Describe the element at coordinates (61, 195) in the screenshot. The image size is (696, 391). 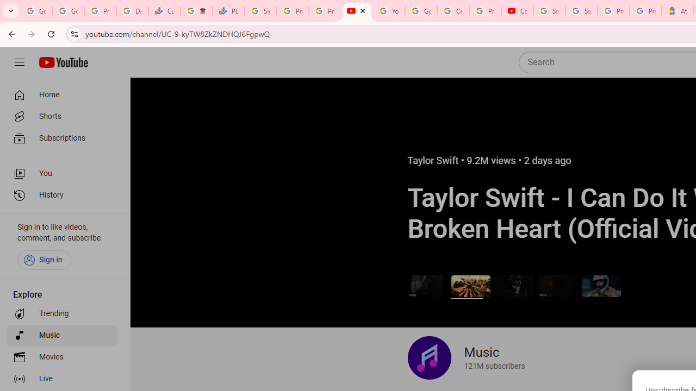
I see `'History'` at that location.